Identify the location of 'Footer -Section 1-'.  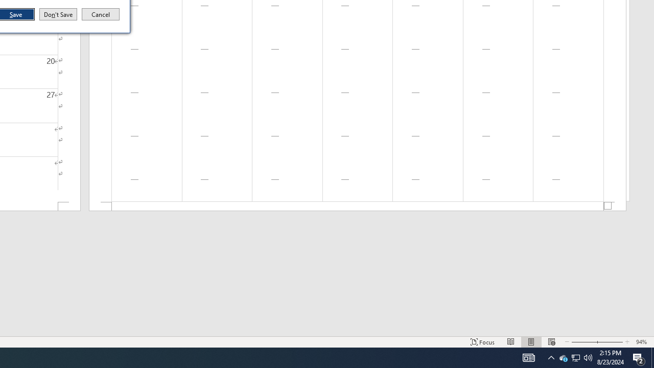
(358, 206).